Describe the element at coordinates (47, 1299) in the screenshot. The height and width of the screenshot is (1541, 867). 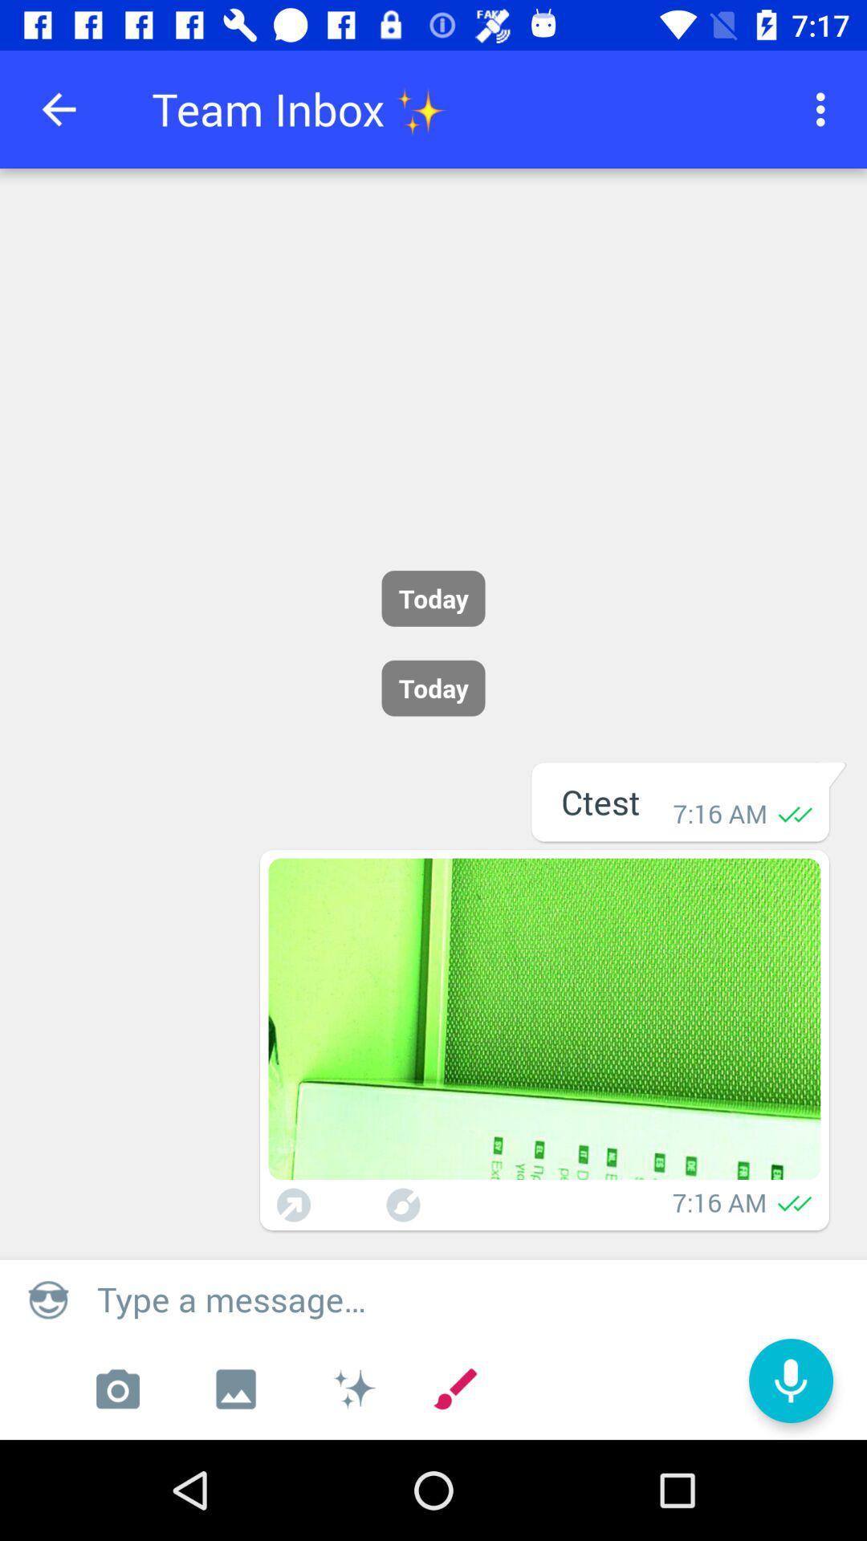
I see `the emoji icon` at that location.